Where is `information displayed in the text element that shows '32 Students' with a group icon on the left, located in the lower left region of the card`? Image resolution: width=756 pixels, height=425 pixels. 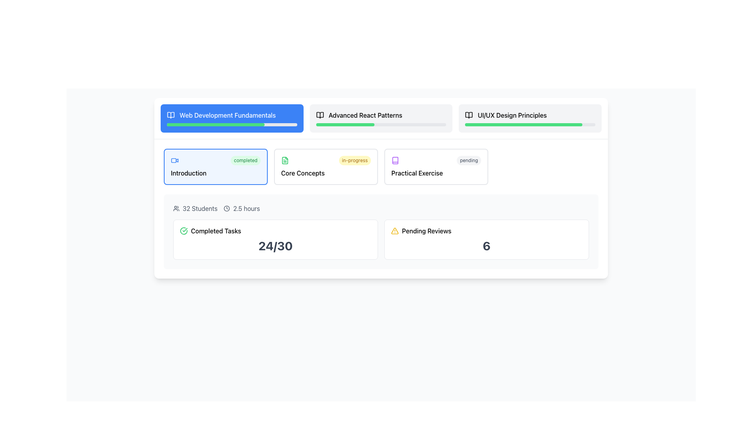 information displayed in the text element that shows '32 Students' with a group icon on the left, located in the lower left region of the card is located at coordinates (195, 208).